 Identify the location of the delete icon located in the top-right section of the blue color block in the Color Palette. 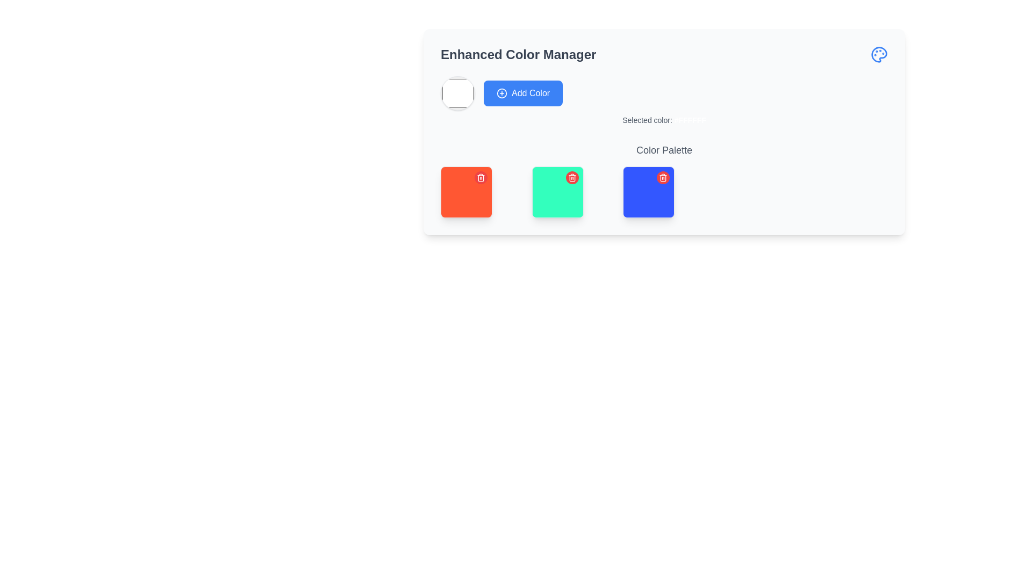
(662, 177).